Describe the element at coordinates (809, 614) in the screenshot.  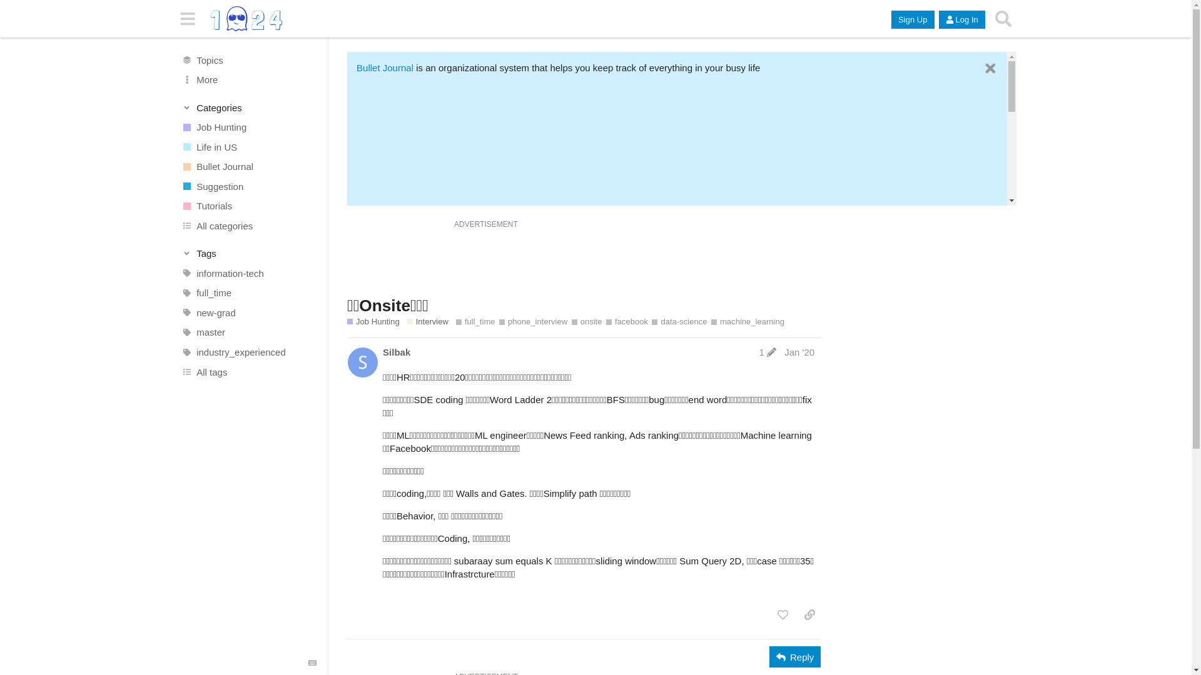
I see `'share a link to this post'` at that location.